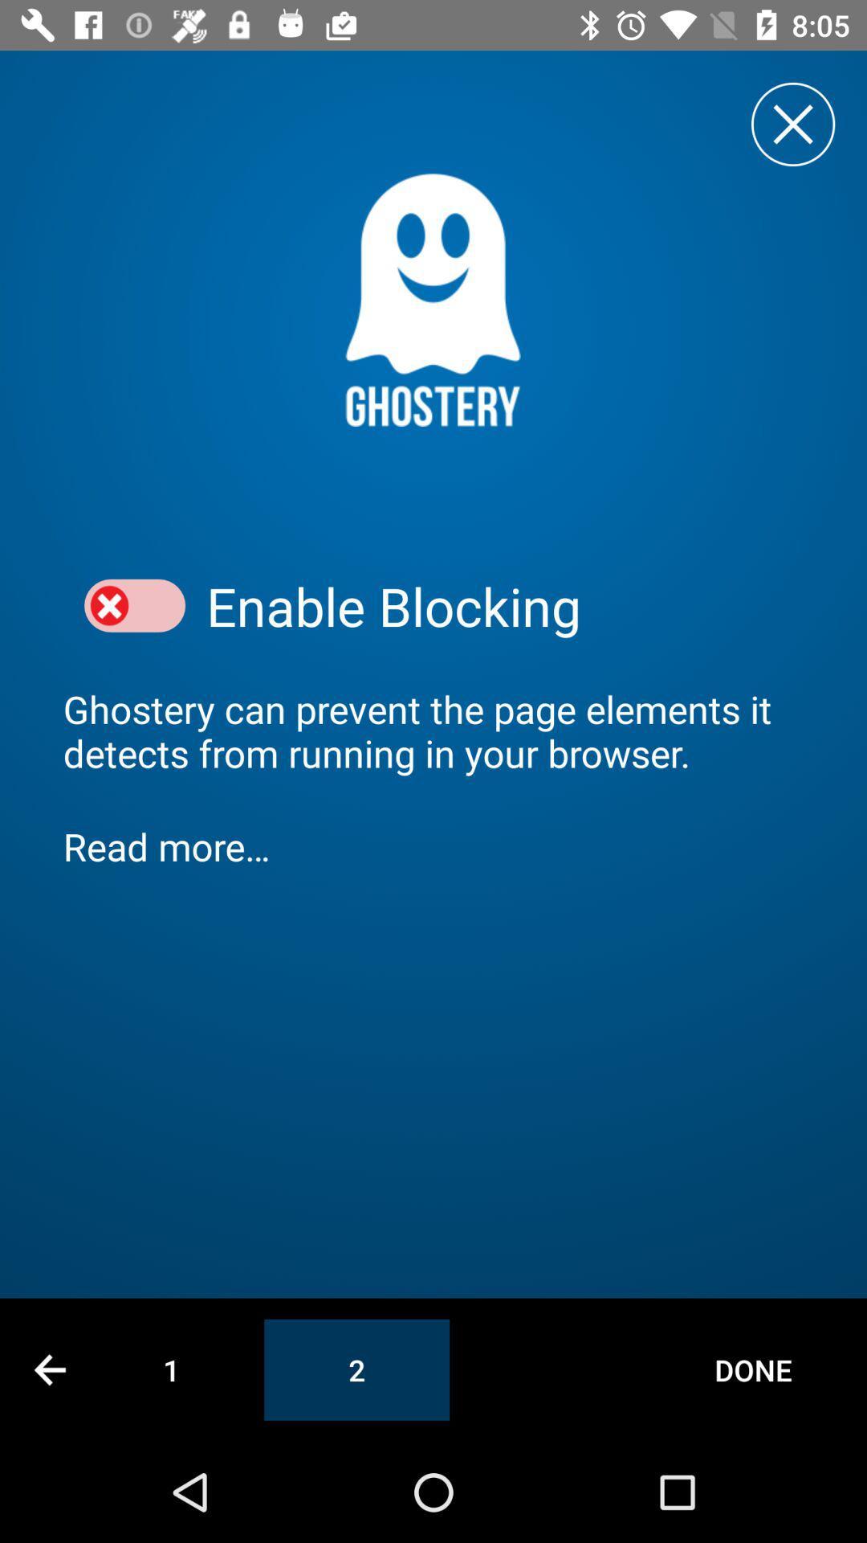 Image resolution: width=867 pixels, height=1543 pixels. I want to click on item above ghostery can prevent, so click(504, 605).